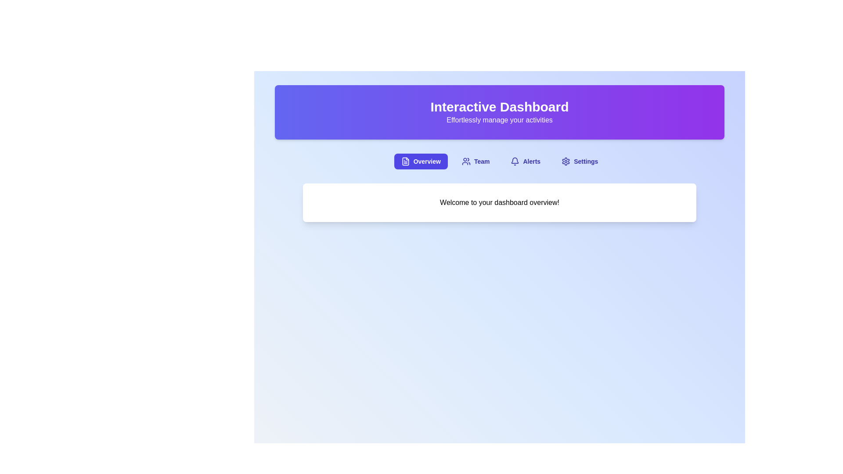 The image size is (843, 474). What do you see at coordinates (405, 161) in the screenshot?
I see `the decorative 'Overview' icon located to the left of the label 'Overview' in the button area` at bounding box center [405, 161].